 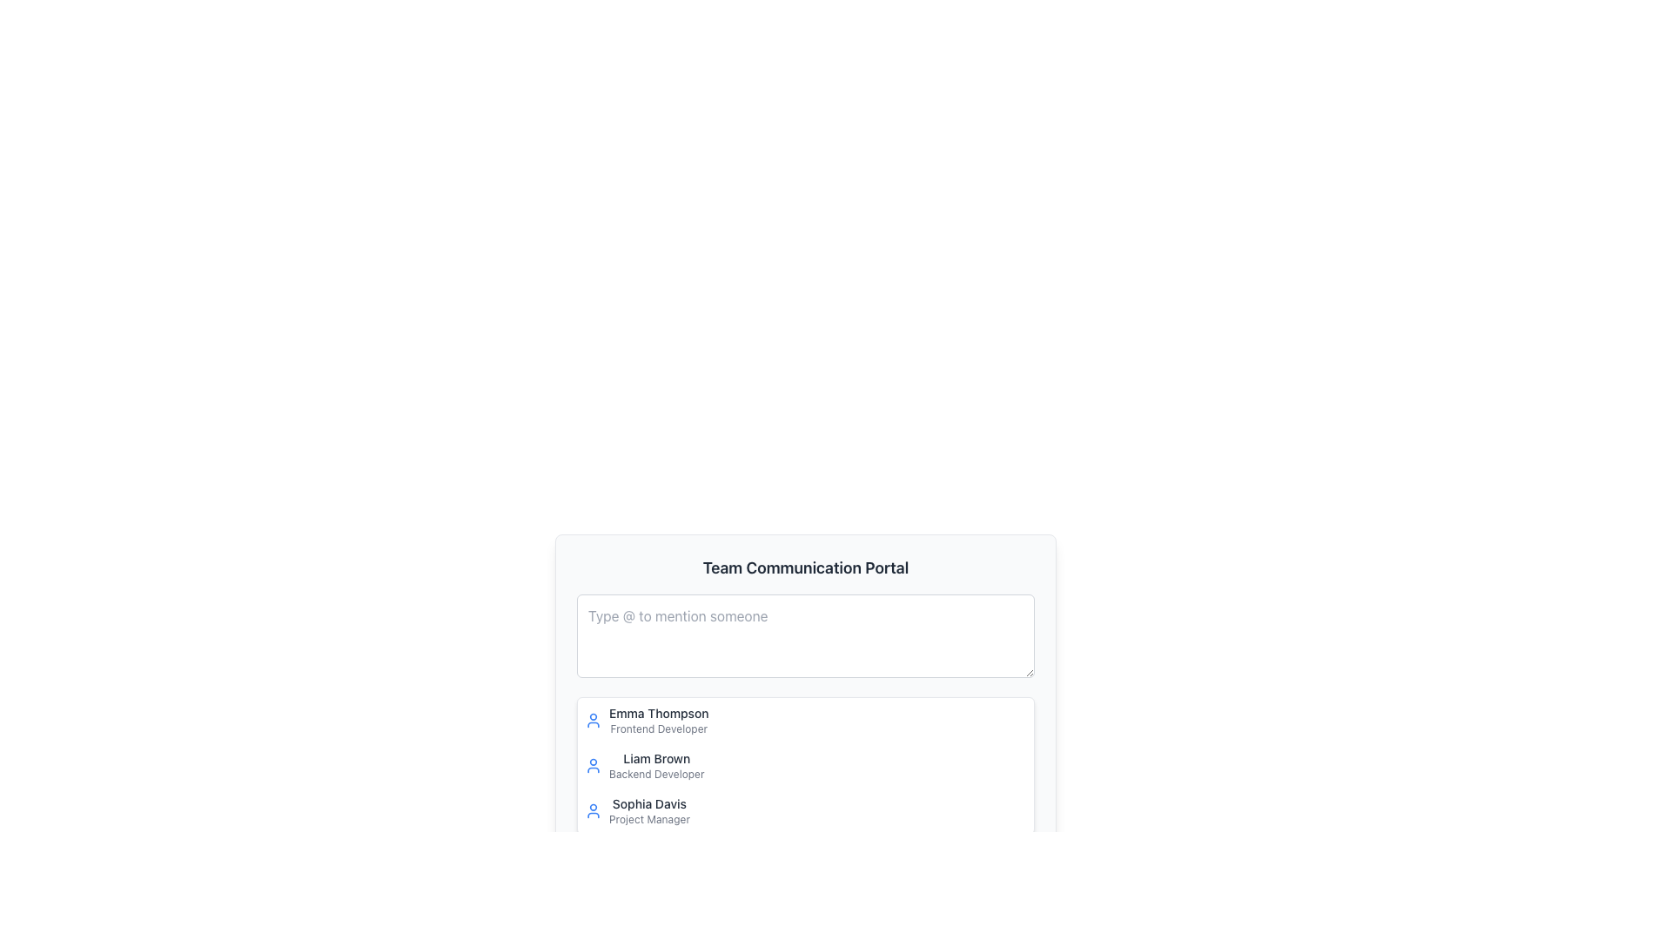 What do you see at coordinates (805, 764) in the screenshot?
I see `the list item displaying the user 'Liam Brown - Backend Developer'` at bounding box center [805, 764].